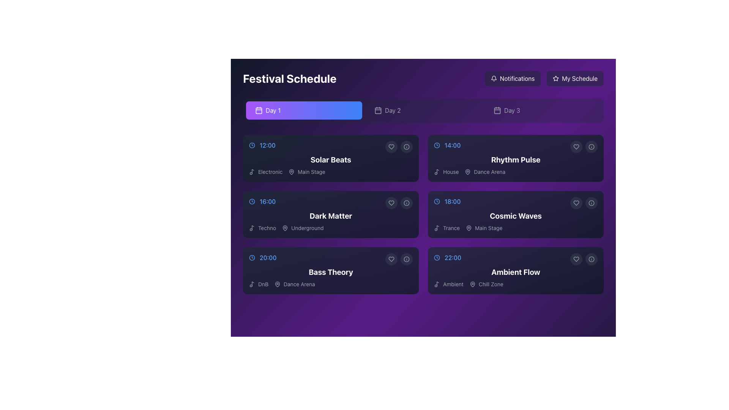  Describe the element at coordinates (437, 201) in the screenshot. I see `the blue outlined circular graphical decoration within the clock icon located near the '18:00' time label in the schedule for 'Cosmic Waves'` at that location.